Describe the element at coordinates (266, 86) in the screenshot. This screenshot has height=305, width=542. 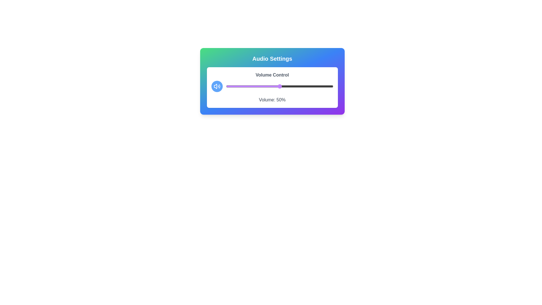
I see `volume` at that location.